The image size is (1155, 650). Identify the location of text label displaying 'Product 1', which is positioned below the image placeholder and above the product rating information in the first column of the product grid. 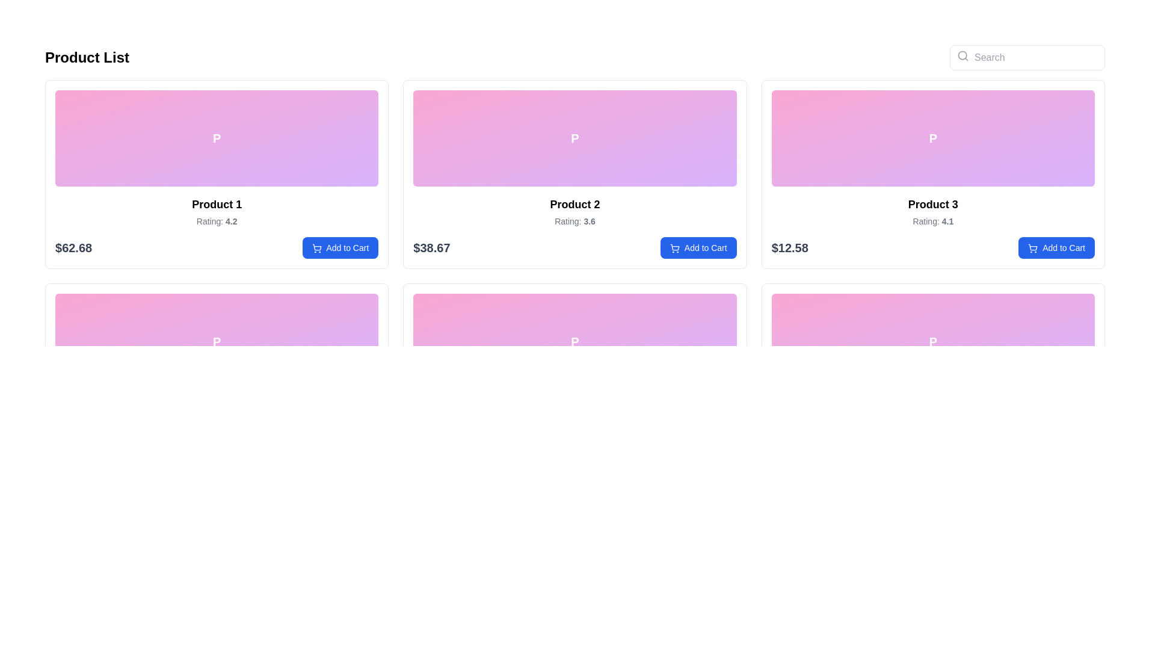
(217, 203).